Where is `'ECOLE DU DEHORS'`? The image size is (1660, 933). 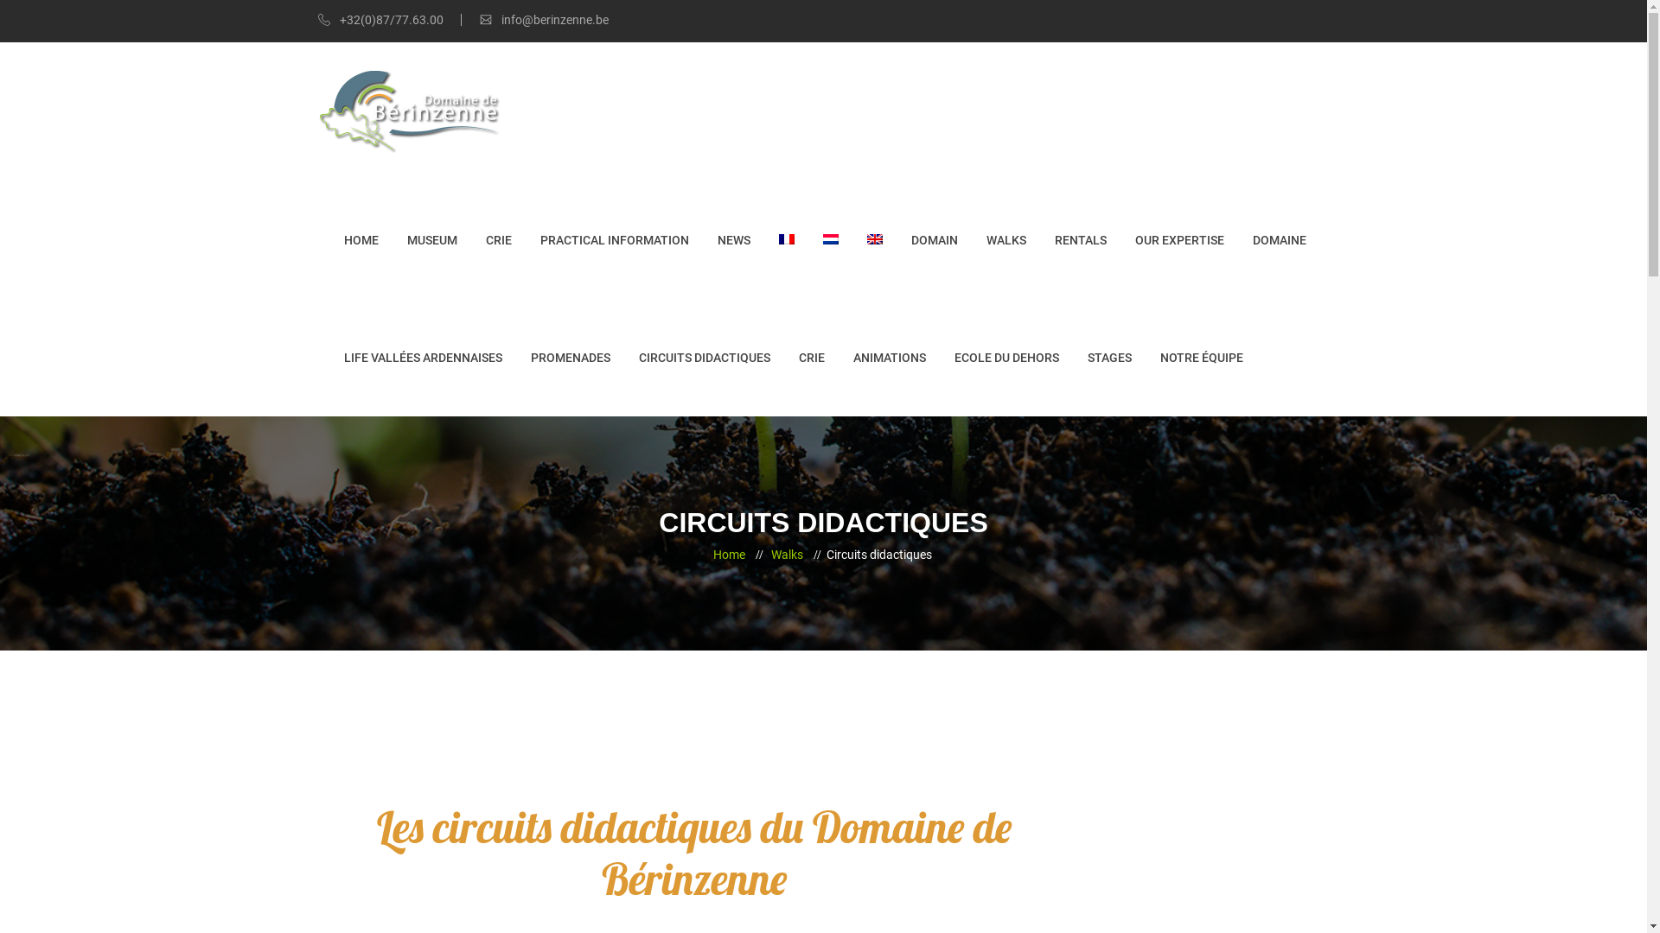 'ECOLE DU DEHORS' is located at coordinates (1006, 356).